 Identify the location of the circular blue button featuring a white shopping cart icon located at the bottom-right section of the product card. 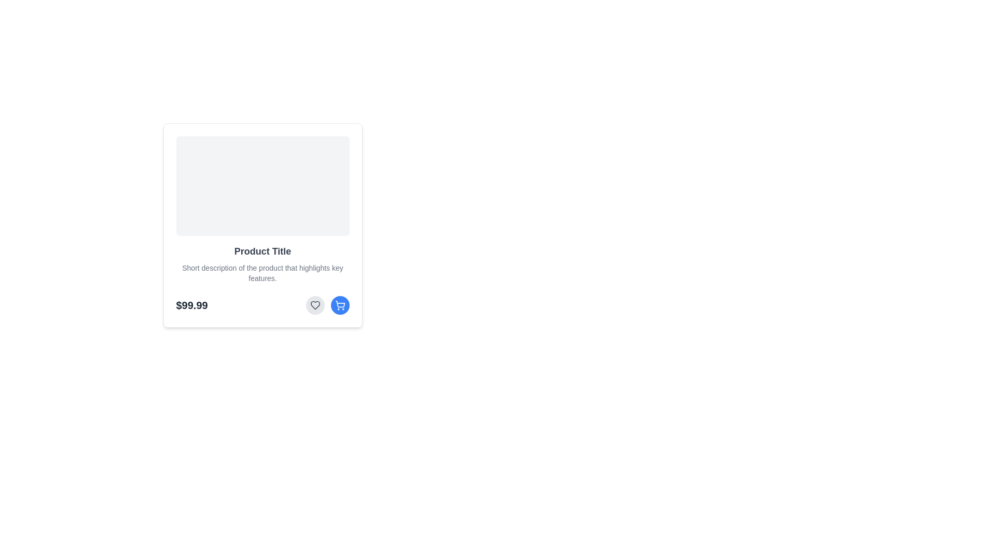
(340, 305).